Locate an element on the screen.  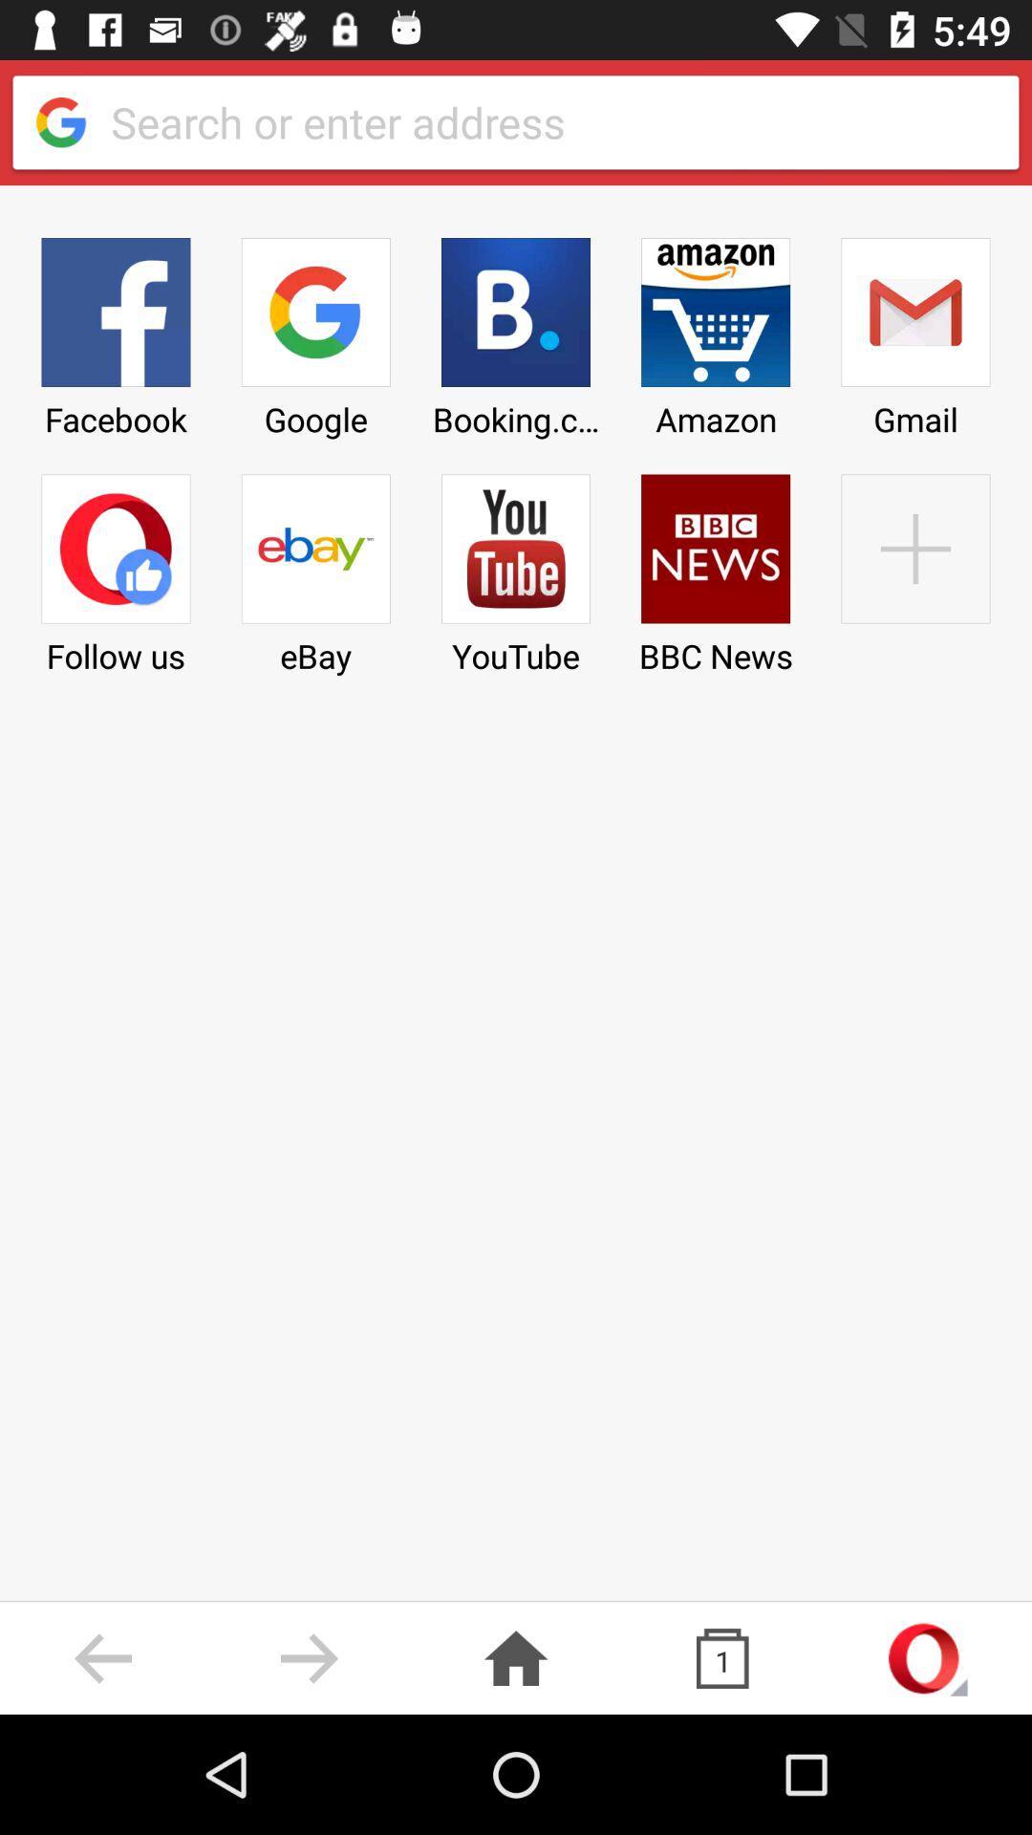
the item to the right of facebook item is located at coordinates (314, 567).